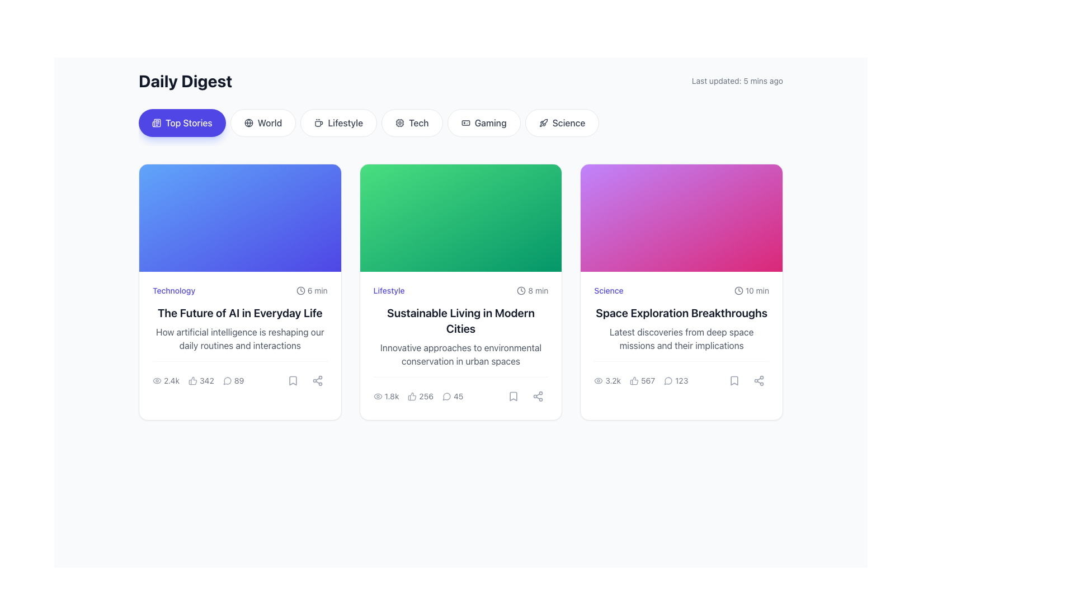 Image resolution: width=1074 pixels, height=604 pixels. What do you see at coordinates (668, 380) in the screenshot?
I see `the speech bubble icon located at the lower right corner of the 'Space Exploration Breakthroughs' card` at bounding box center [668, 380].